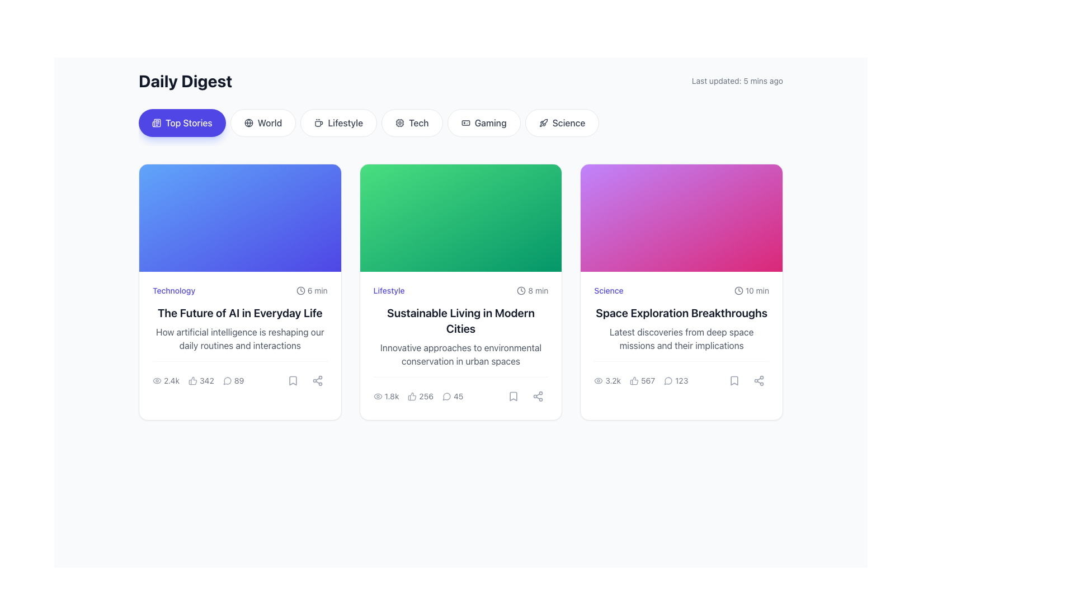 Image resolution: width=1074 pixels, height=604 pixels. What do you see at coordinates (668, 380) in the screenshot?
I see `the speech bubble icon located at the lower right corner of the 'Space Exploration Breakthroughs' card` at bounding box center [668, 380].